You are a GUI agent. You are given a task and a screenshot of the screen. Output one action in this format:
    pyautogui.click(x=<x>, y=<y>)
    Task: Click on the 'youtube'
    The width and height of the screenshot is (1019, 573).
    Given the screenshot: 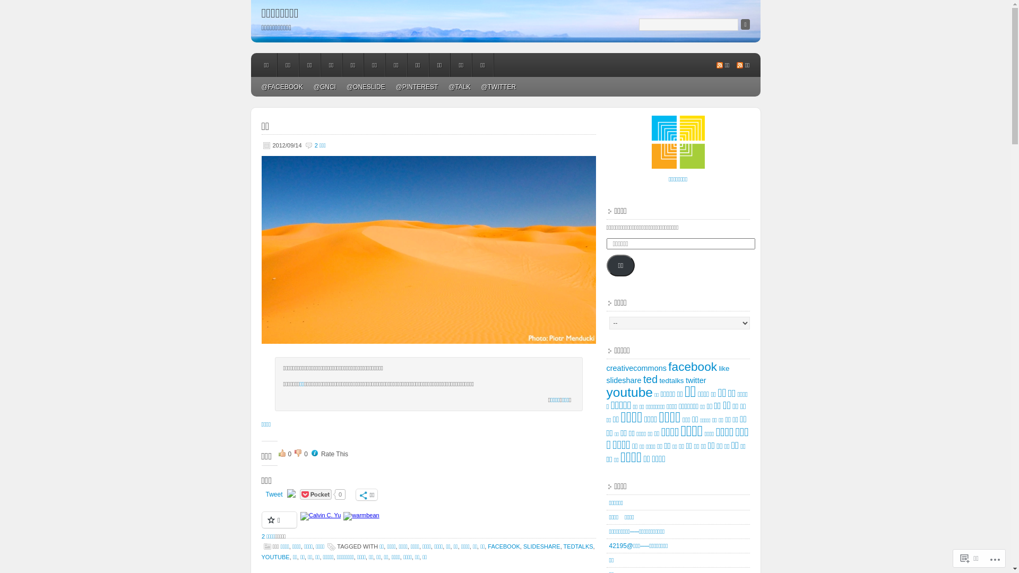 What is the action you would take?
    pyautogui.click(x=629, y=392)
    